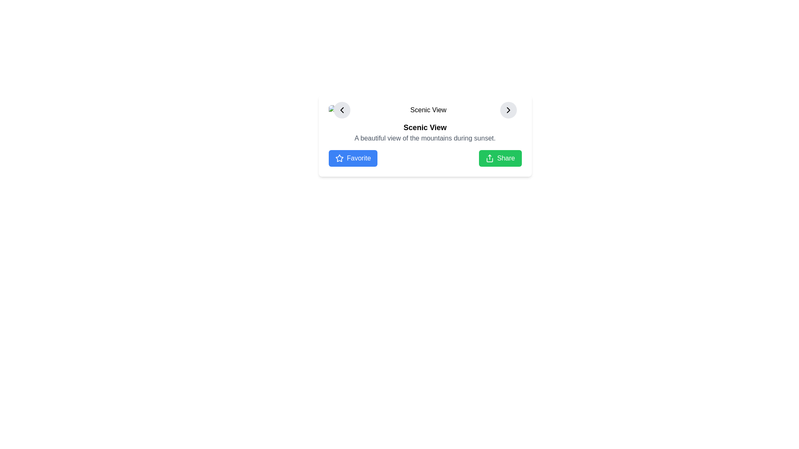 The width and height of the screenshot is (799, 449). I want to click on the navigation icon located in the top right corner of the card interface, so click(508, 110).